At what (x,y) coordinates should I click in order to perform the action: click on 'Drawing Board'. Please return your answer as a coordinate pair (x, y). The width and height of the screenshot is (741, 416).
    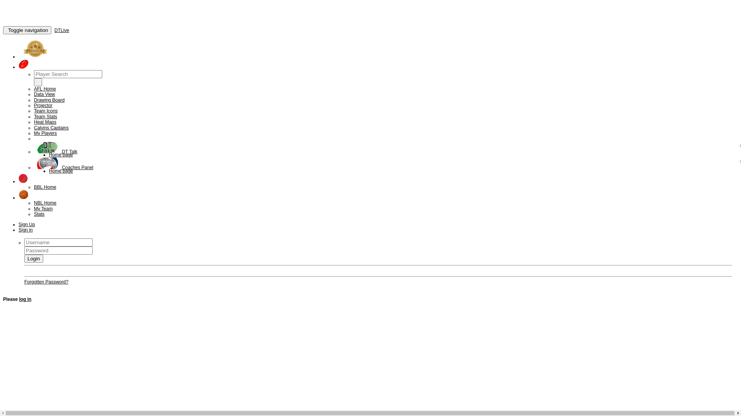
    Looking at the image, I should click on (33, 99).